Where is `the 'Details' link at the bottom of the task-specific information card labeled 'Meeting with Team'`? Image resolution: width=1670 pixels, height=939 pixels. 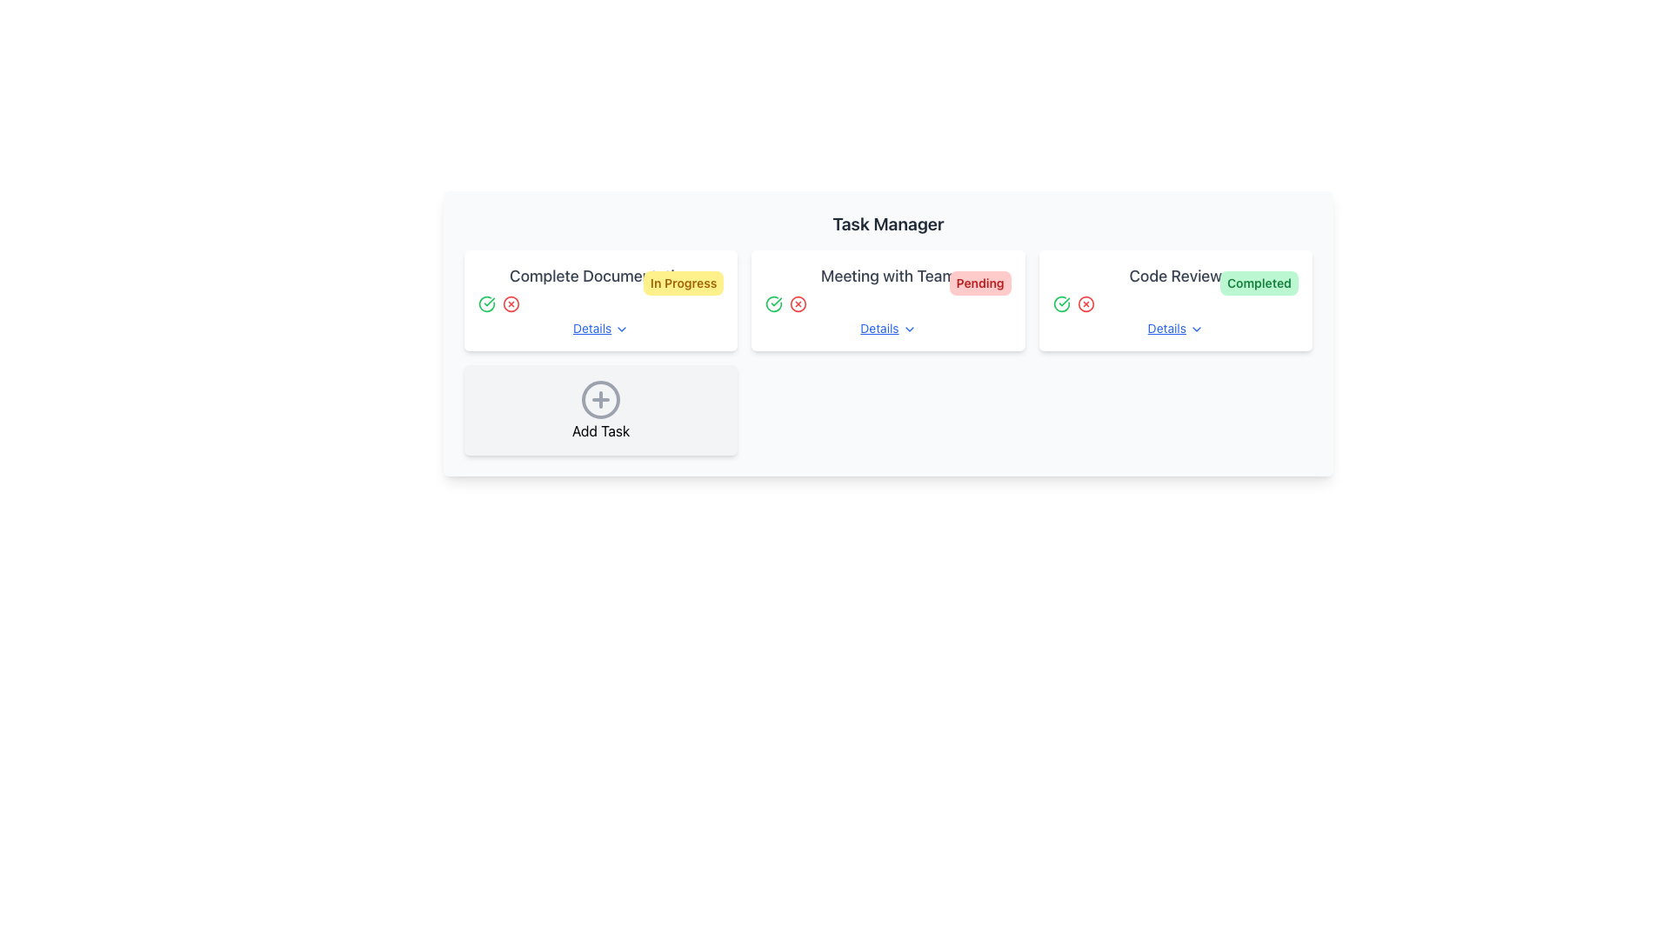
the 'Details' link at the bottom of the task-specific information card labeled 'Meeting with Team' is located at coordinates (888, 300).